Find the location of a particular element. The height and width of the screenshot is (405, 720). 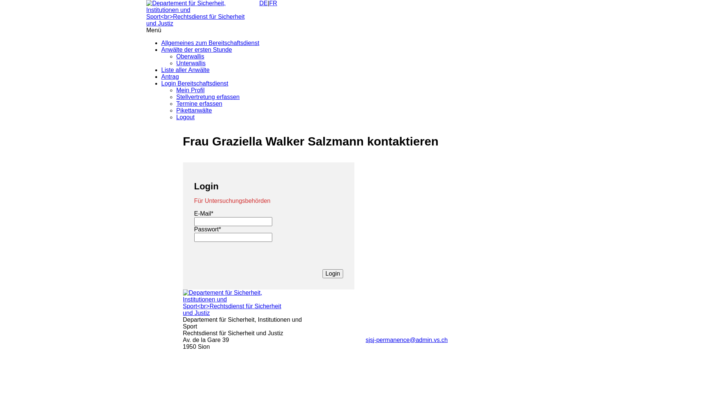

'sjsj-permanence@admin.vs.ch' is located at coordinates (406, 340).